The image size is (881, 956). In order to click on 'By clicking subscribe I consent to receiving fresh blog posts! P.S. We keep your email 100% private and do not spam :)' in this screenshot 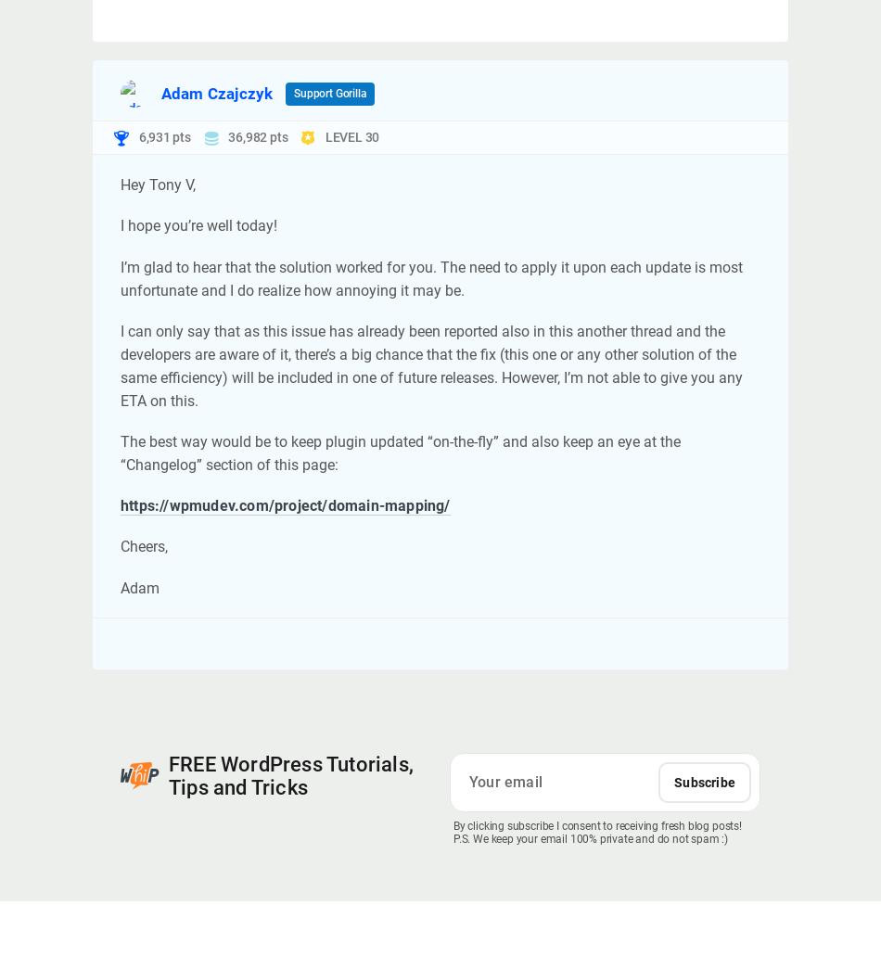, I will do `click(453, 831)`.